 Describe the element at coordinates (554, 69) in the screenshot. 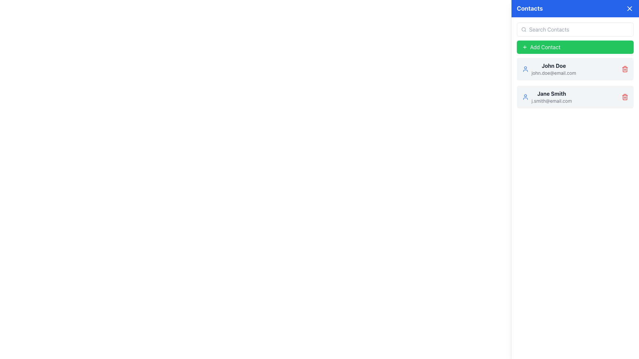

I see `the textual label displaying 'John Doe' and 'john.doe@email.com' for context actions` at that location.